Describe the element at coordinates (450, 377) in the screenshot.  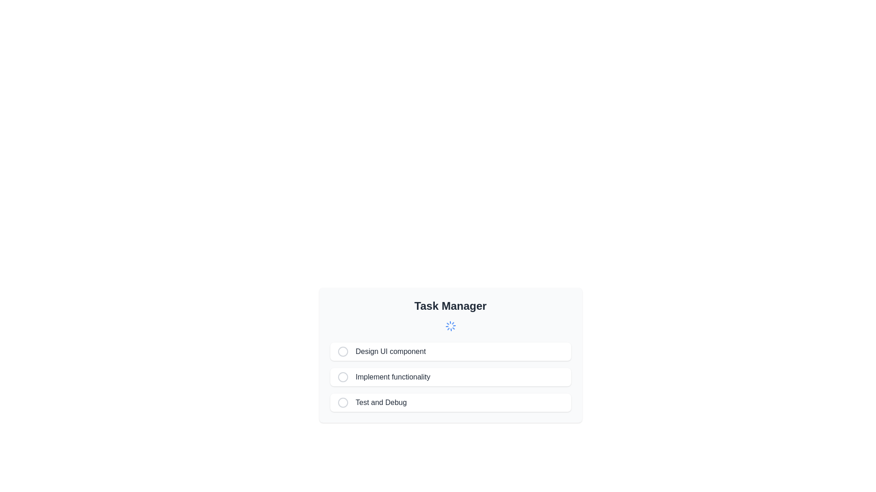
I see `the second task item` at that location.